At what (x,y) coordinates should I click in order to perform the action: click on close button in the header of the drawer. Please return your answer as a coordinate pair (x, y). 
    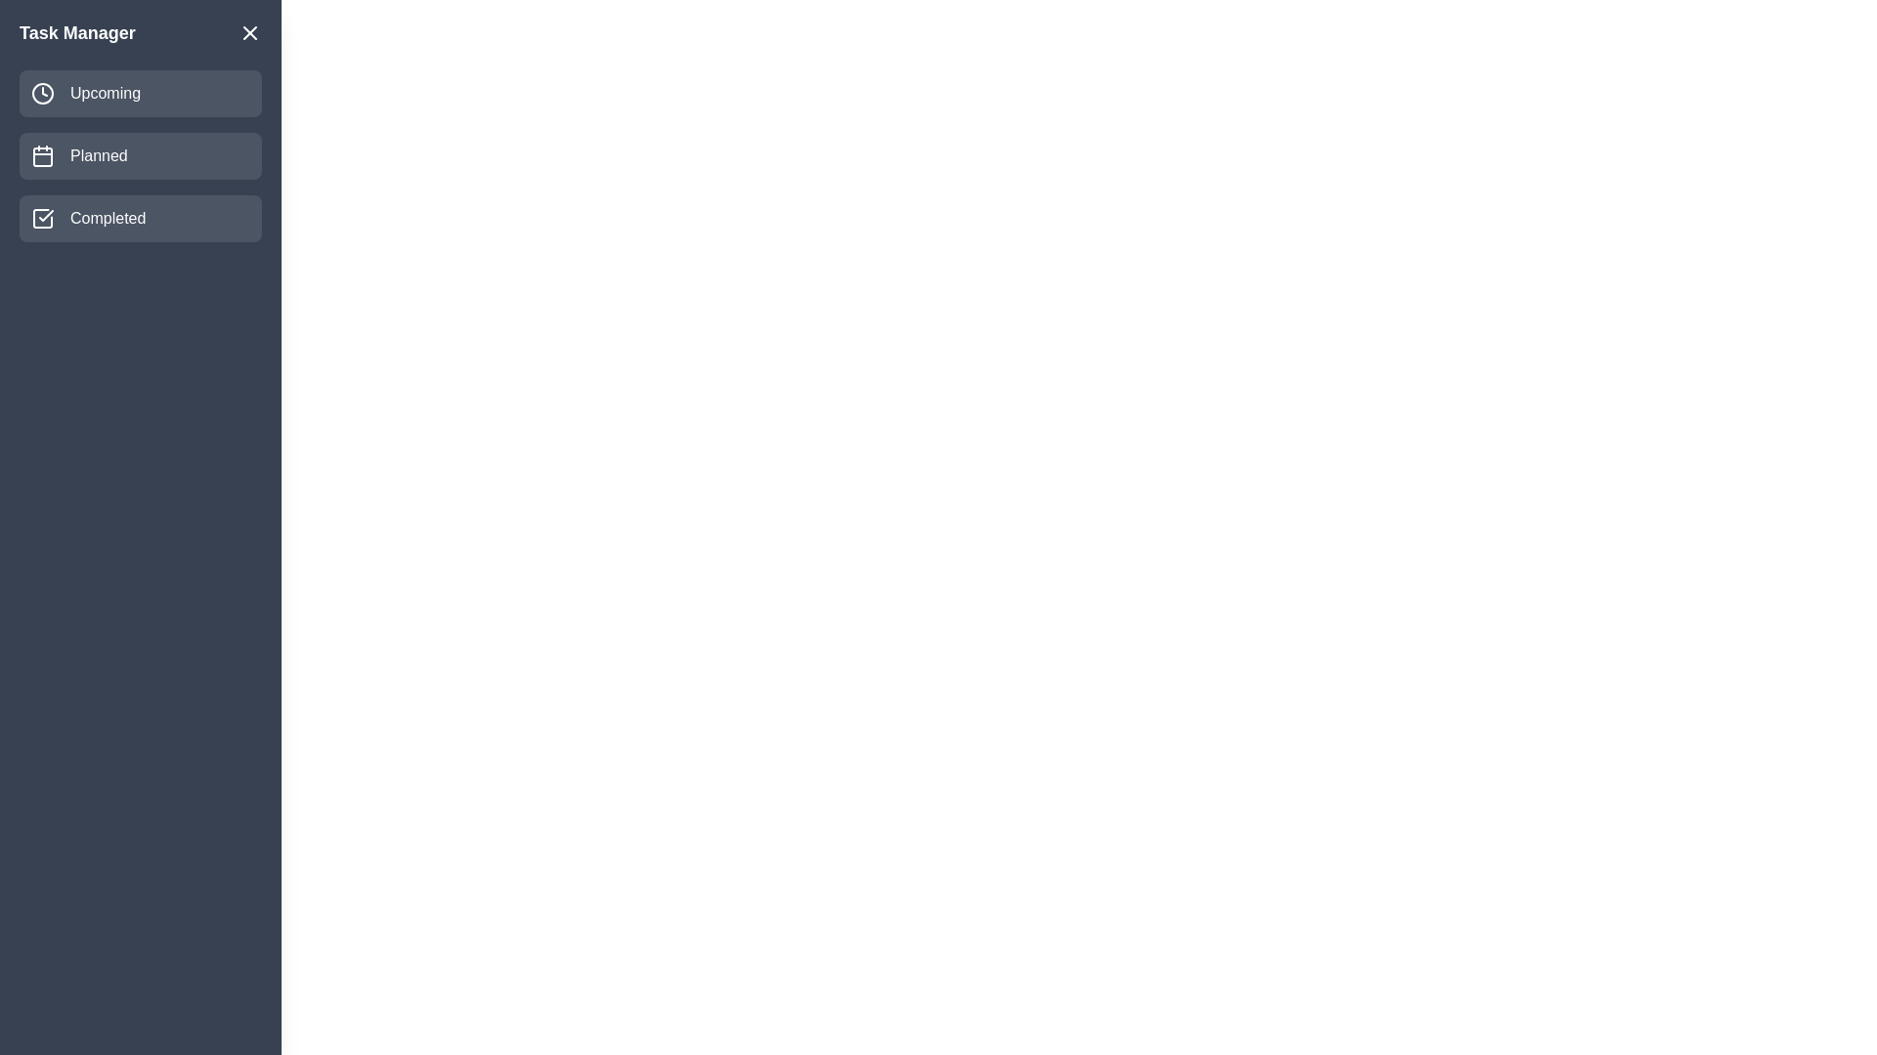
    Looking at the image, I should click on (248, 33).